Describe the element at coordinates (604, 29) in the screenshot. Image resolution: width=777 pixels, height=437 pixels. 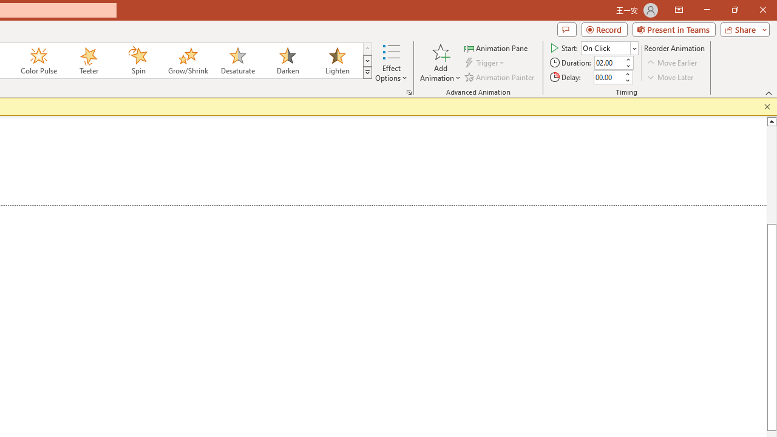
I see `'Record'` at that location.